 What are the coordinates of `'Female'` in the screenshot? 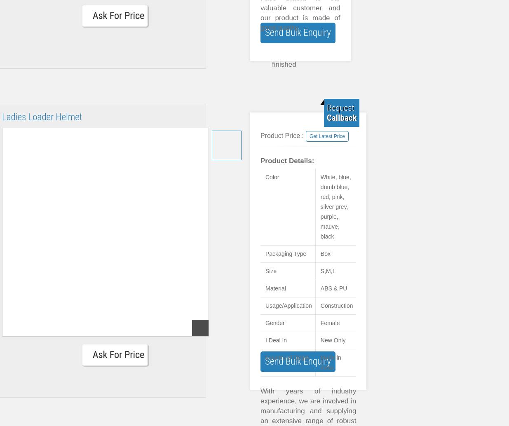 It's located at (320, 322).